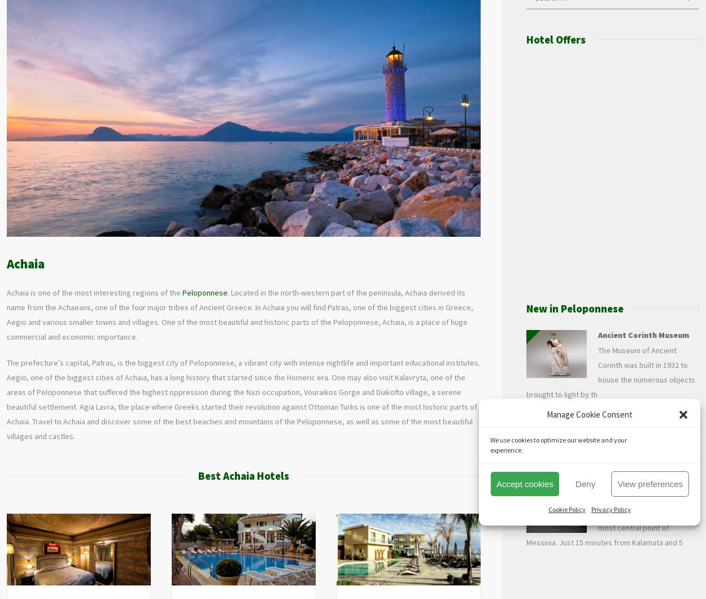  What do you see at coordinates (243, 398) in the screenshot?
I see `'The prefecture’s capital, Patras, is the biggest city of Peloponnese, a vibrant city with intense nightlife and important educational institutes. Aegio, one of the biggest cities of Achaia, has a long history that started since the Homeric era. One may also visit Kalavryta, one of the areas of Peloponnese that suffered the highest oppression during the Nazi occupation, Vouraikos Gorge and Diakofto village, a serene beautiful settlement. Agia Lavra, the place where Greeks started their revolution against Ottoman Turks is one of the most historic parts of Achaia. Travel to Achaia and discover some of the best beaches and mountains of the Peloponnese, as well as some of the most beautiful villages and castles.'` at bounding box center [243, 398].